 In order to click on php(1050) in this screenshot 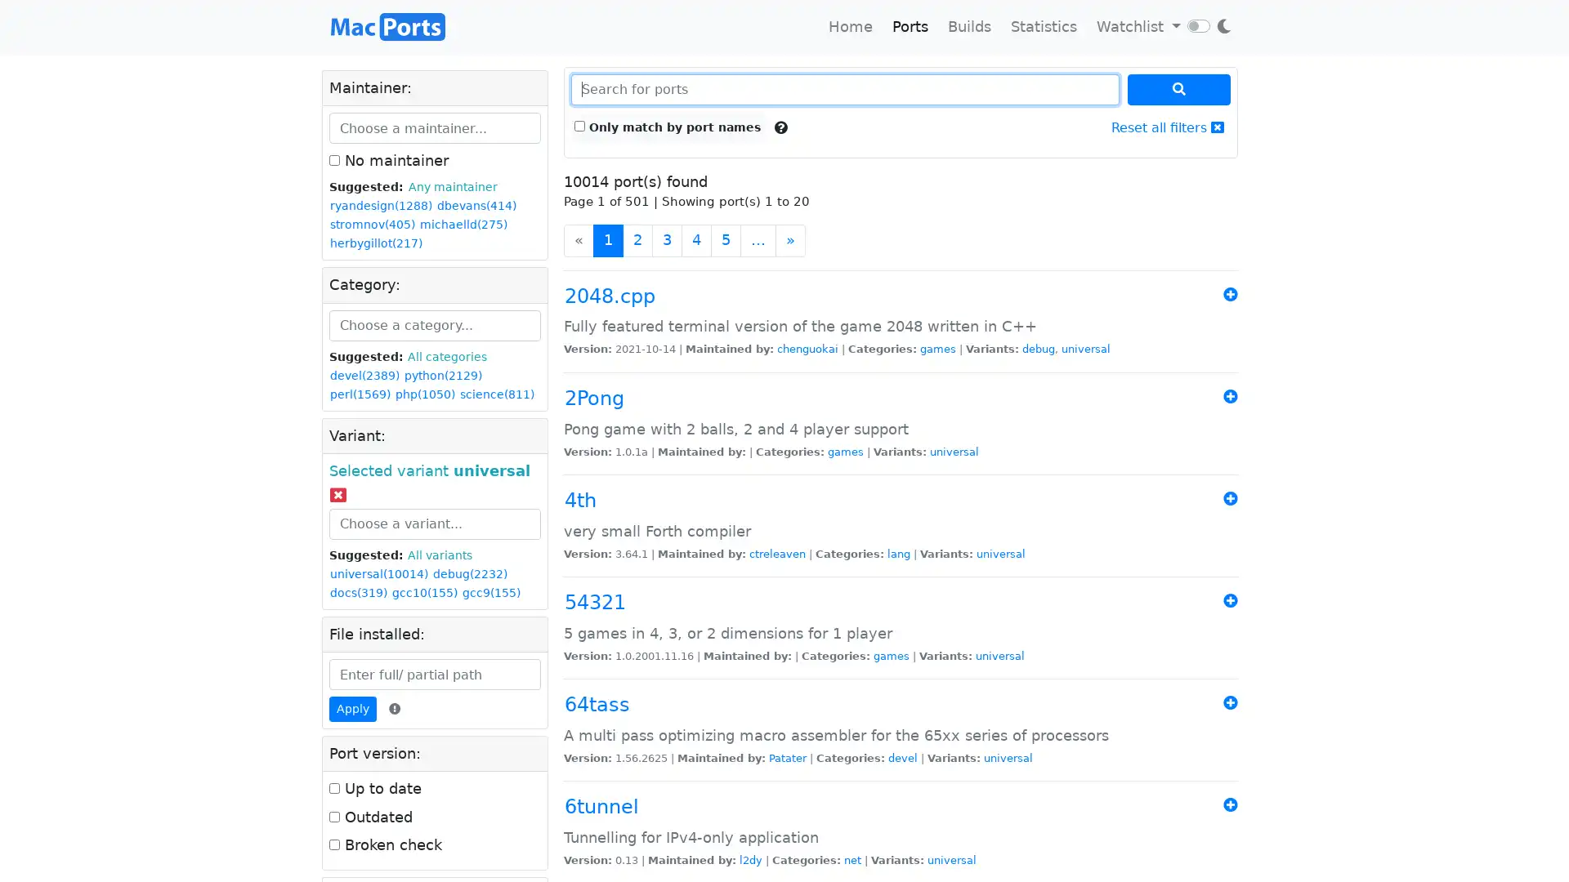, I will do `click(425, 394)`.